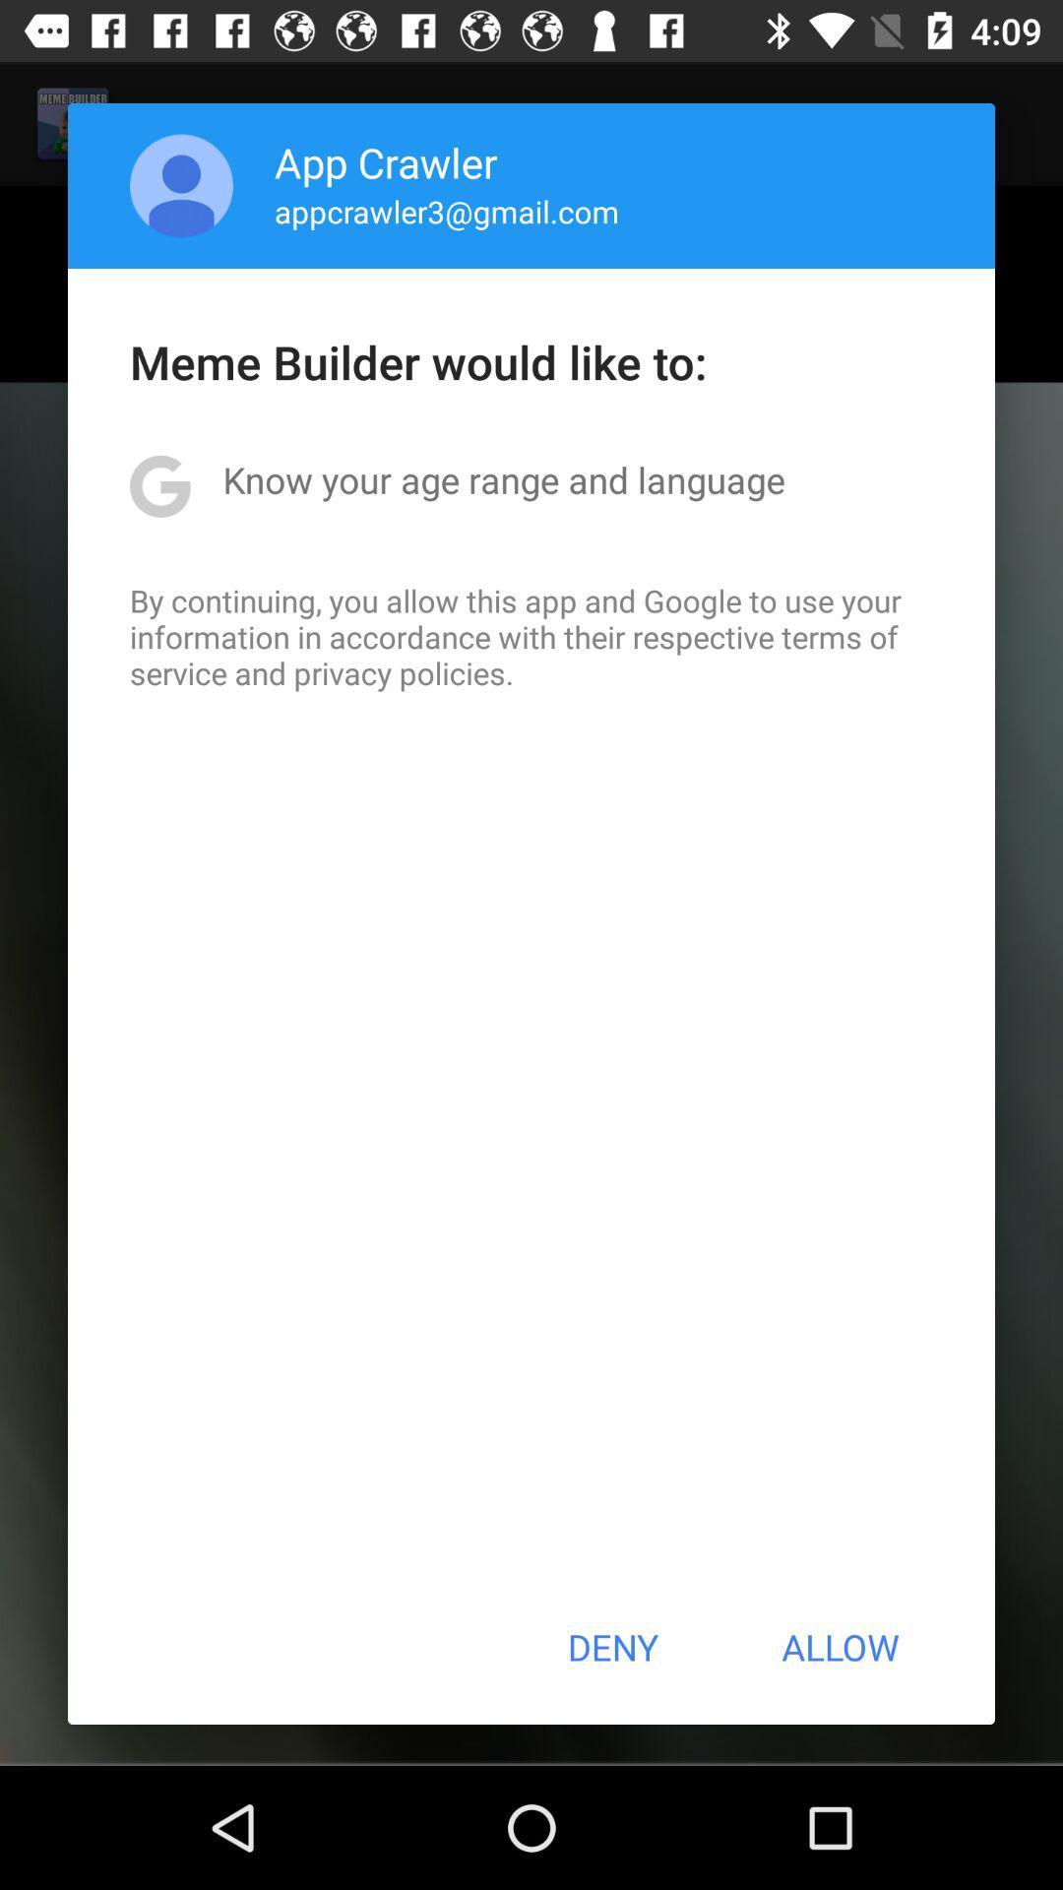 This screenshot has width=1063, height=1890. What do you see at coordinates (181, 185) in the screenshot?
I see `item next to the app crawler` at bounding box center [181, 185].